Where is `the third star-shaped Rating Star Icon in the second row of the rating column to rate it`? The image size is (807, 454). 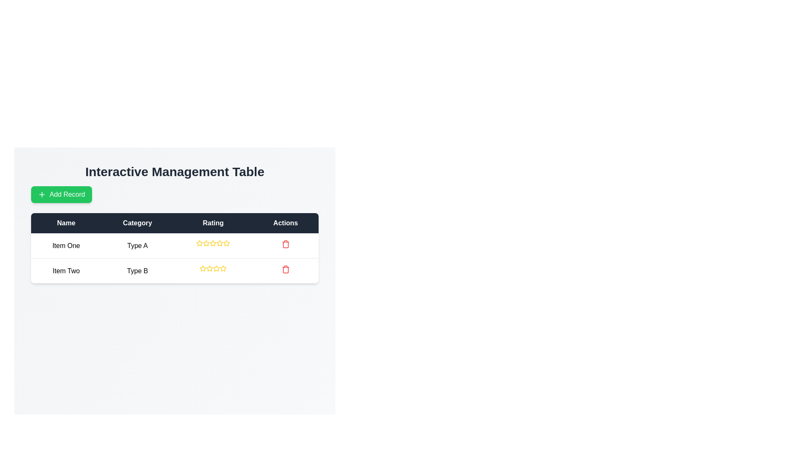 the third star-shaped Rating Star Icon in the second row of the rating column to rate it is located at coordinates (216, 268).